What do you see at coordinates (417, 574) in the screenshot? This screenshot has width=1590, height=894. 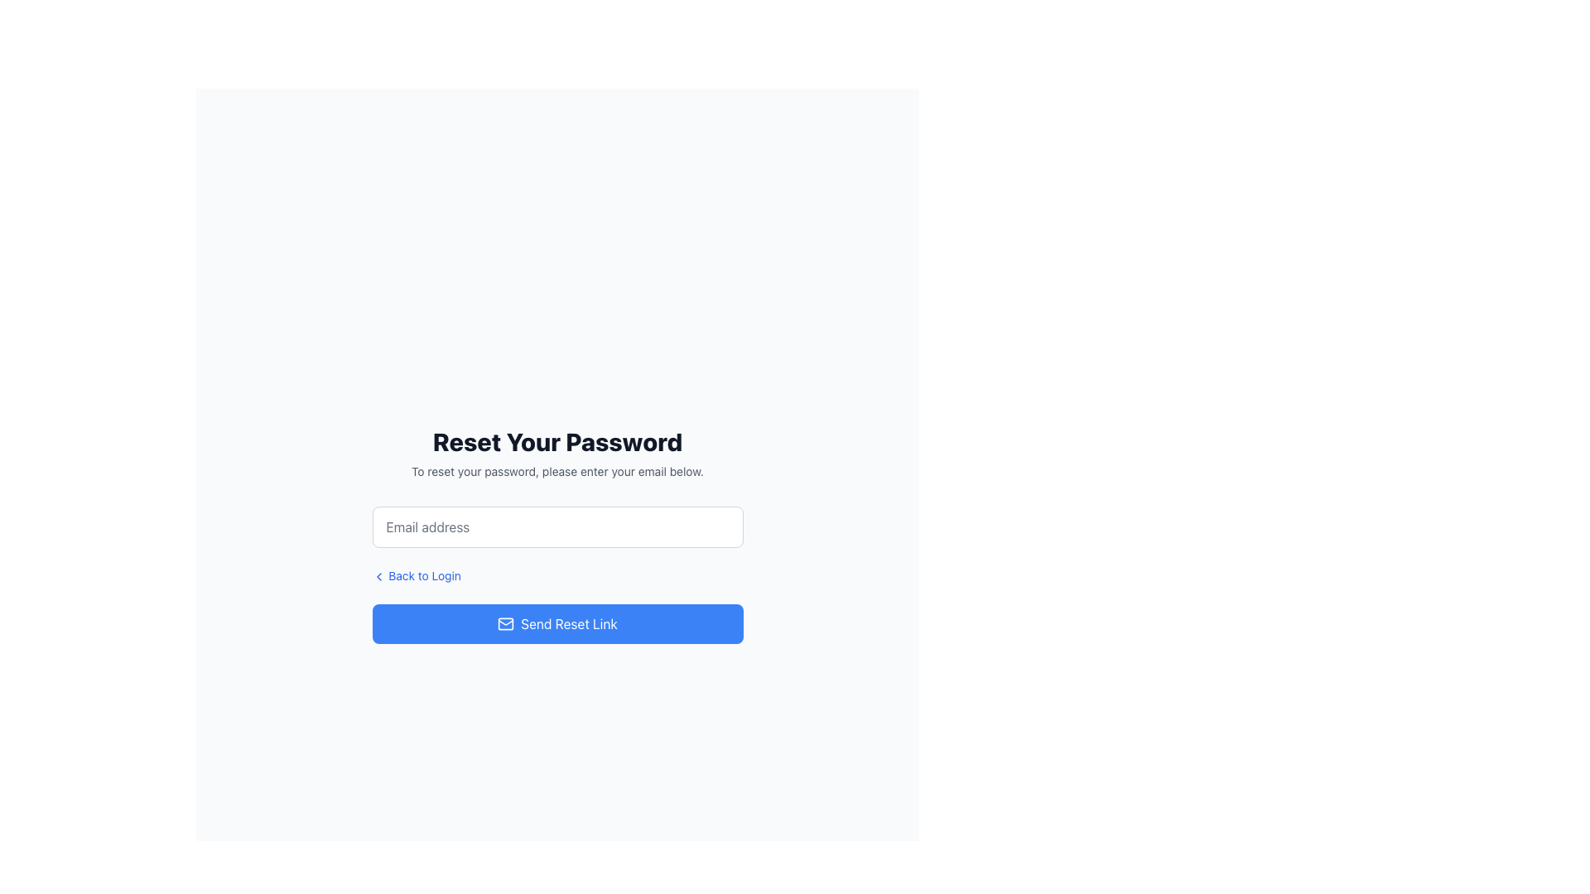 I see `the 'Back to Login' hyperlink, which is a blue-colored text link with a chevron icon on its left, located near the bottom left corner of the form` at bounding box center [417, 574].